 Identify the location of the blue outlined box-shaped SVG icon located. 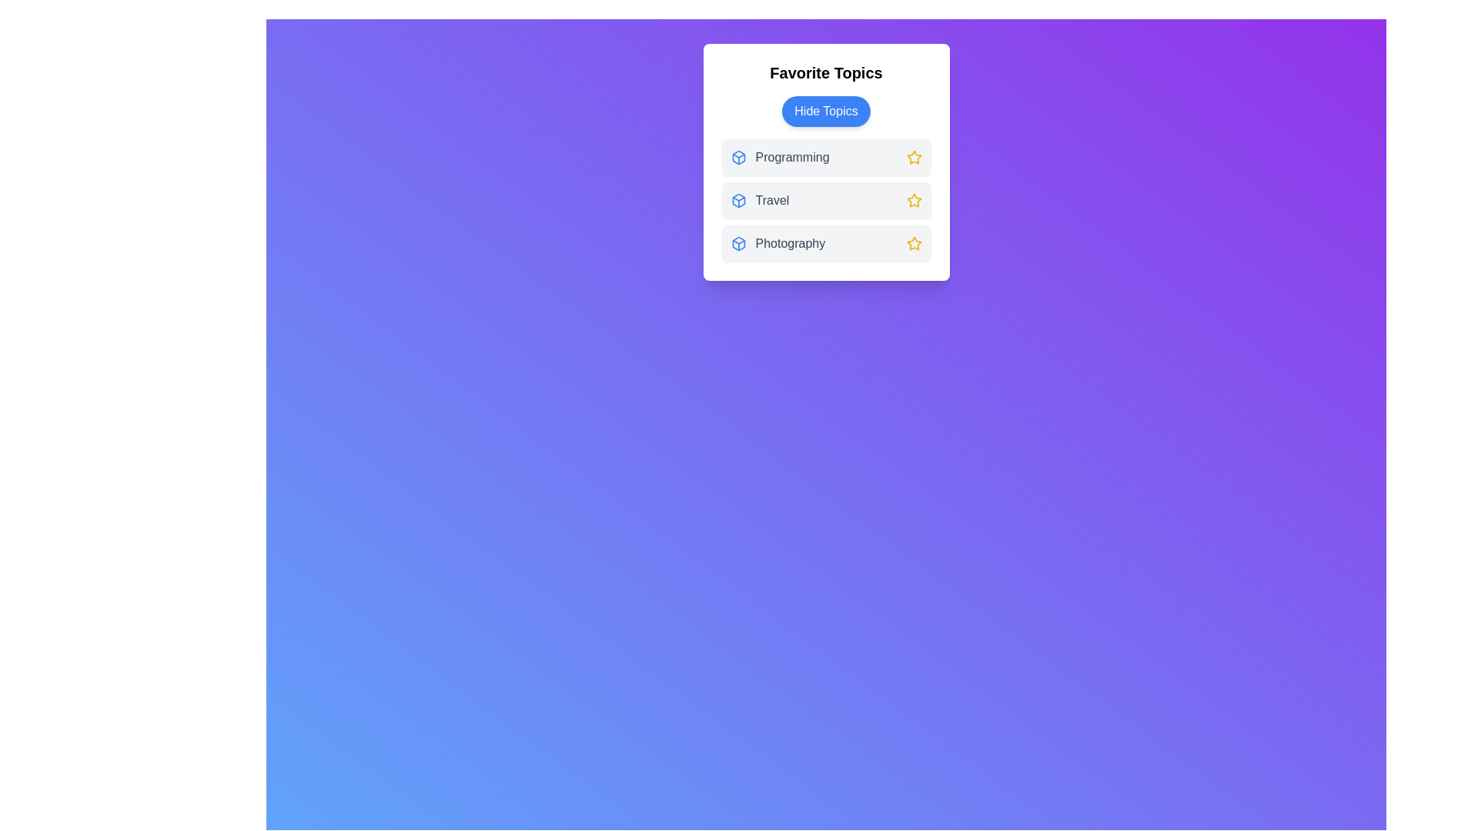
(737, 242).